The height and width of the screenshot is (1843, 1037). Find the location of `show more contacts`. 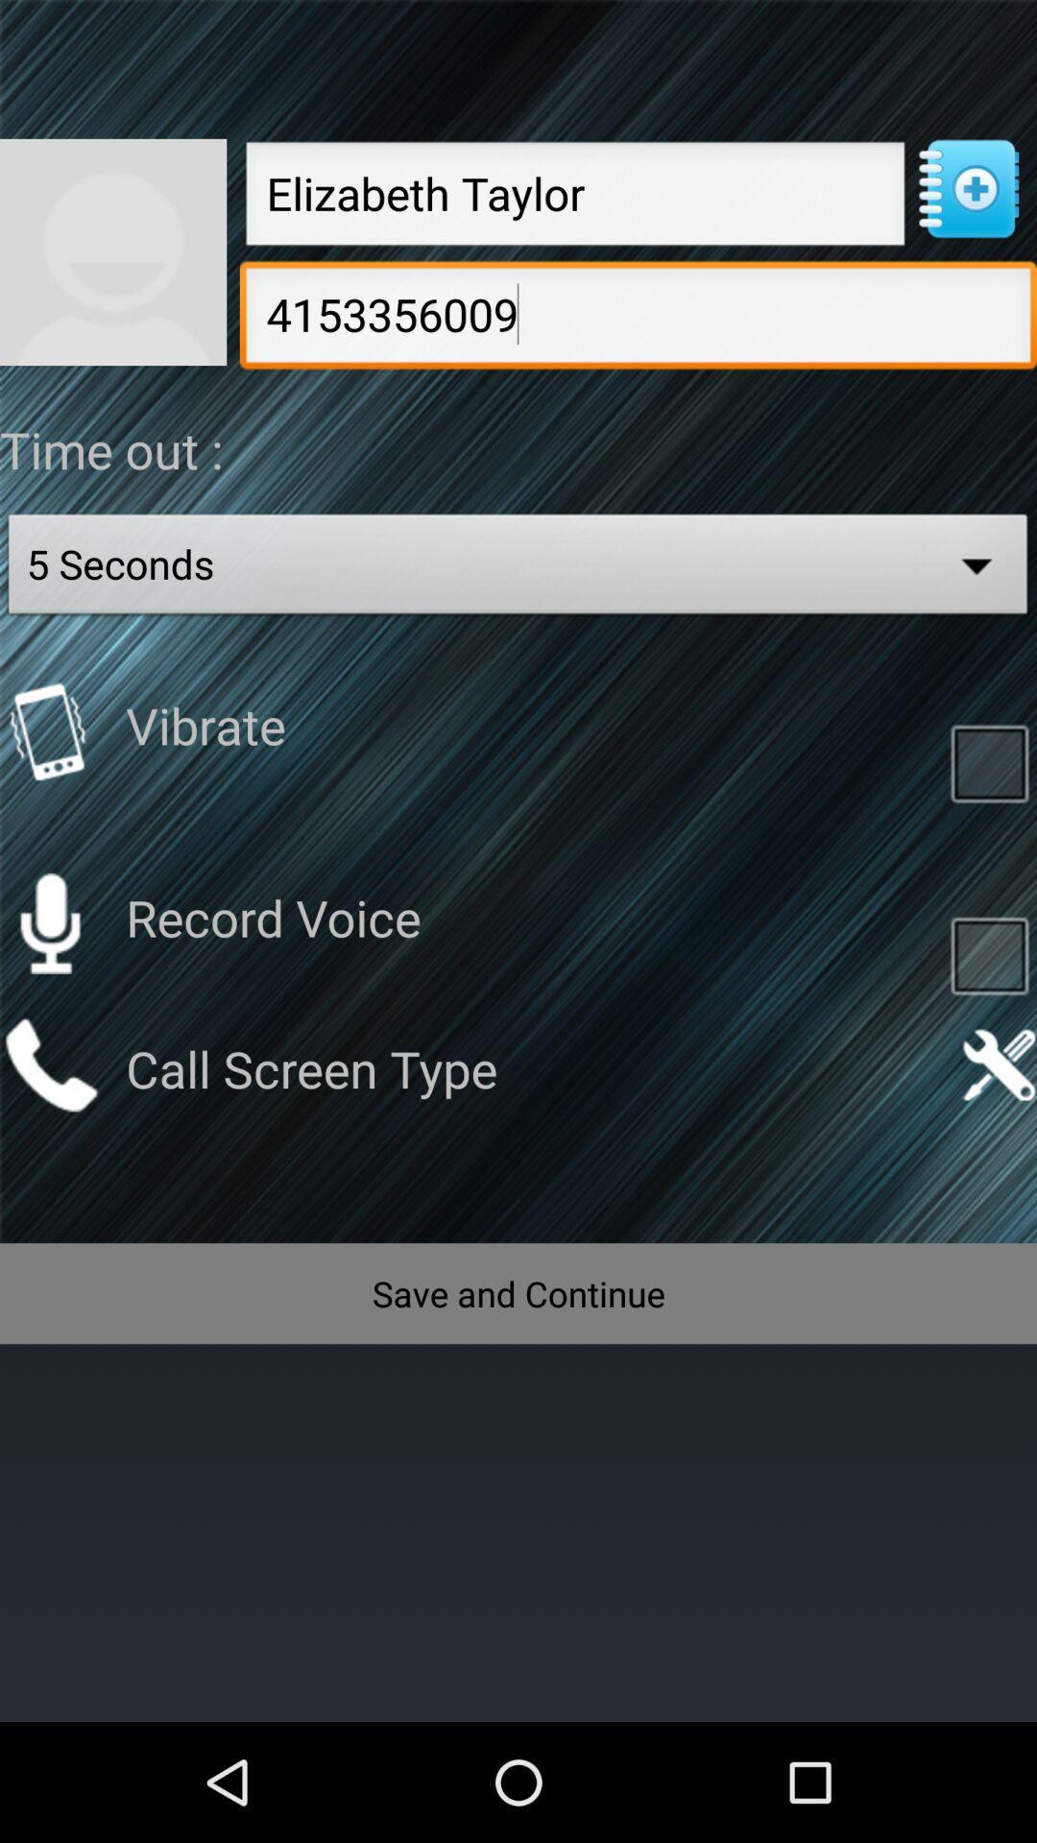

show more contacts is located at coordinates (968, 189).